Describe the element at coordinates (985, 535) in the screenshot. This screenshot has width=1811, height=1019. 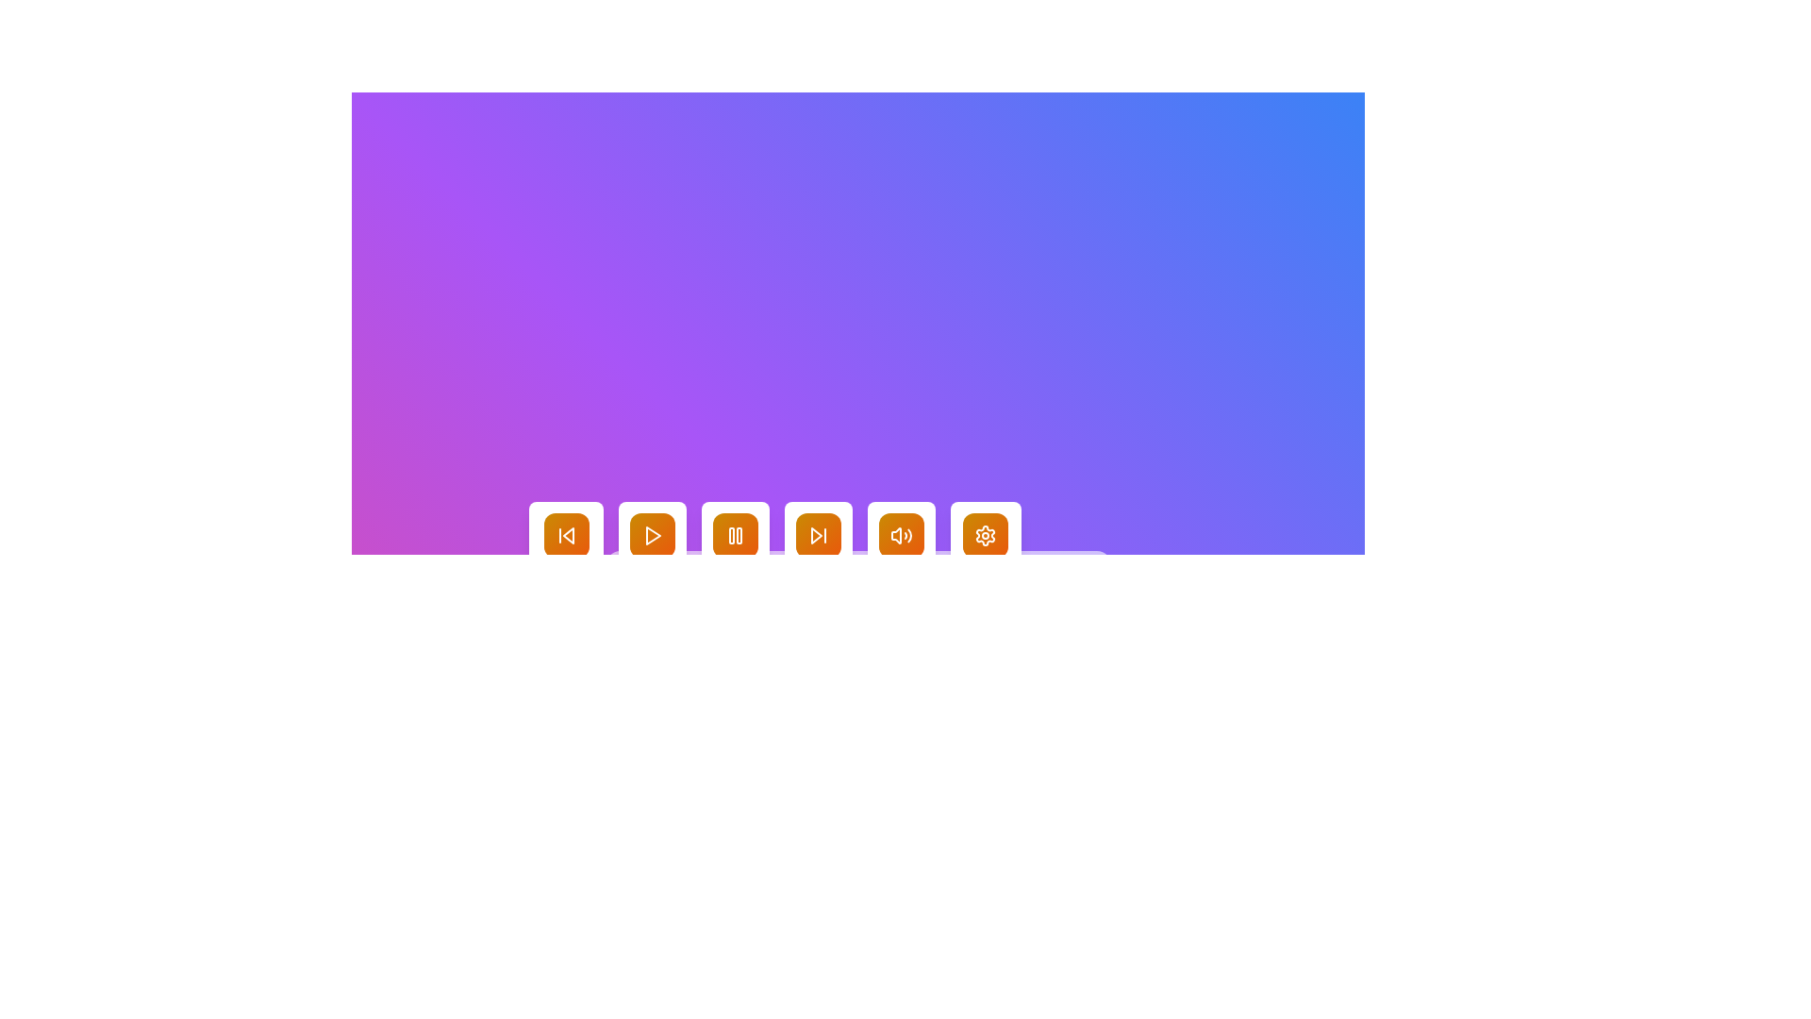
I see `the orange gear icon at the bottom of the interface` at that location.